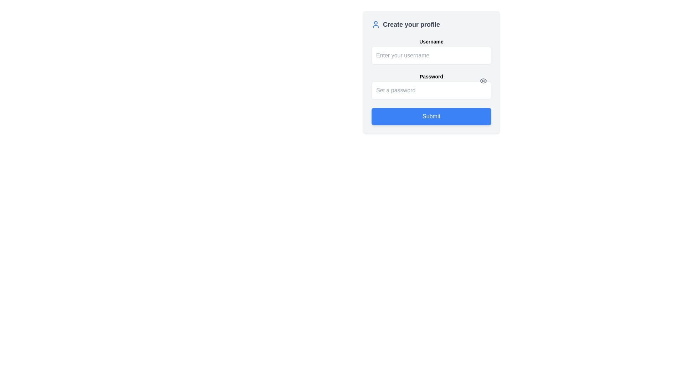 The width and height of the screenshot is (684, 385). What do you see at coordinates (431, 77) in the screenshot?
I see `the label for the password input field, which is located below the 'Username' label and above the password input field in the form` at bounding box center [431, 77].